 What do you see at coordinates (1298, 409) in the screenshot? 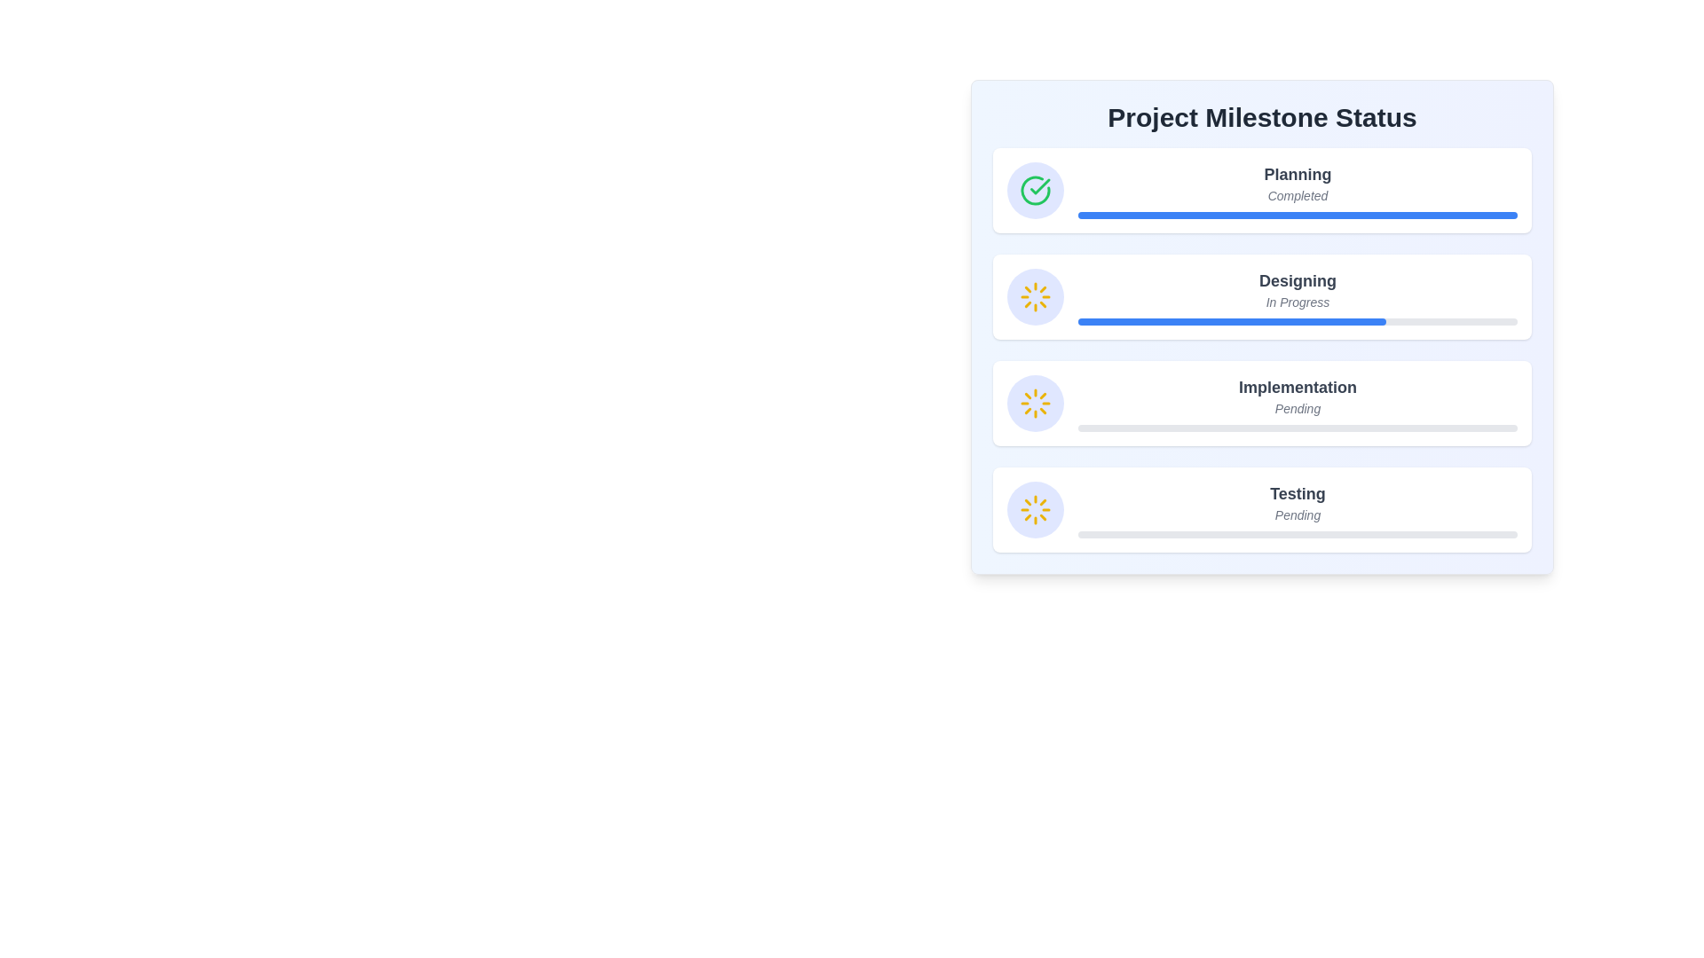
I see `the text label indicating the status of the milestone, which currently displays 'Pending', located below the 'Implementation' text and above the progress bar` at bounding box center [1298, 409].